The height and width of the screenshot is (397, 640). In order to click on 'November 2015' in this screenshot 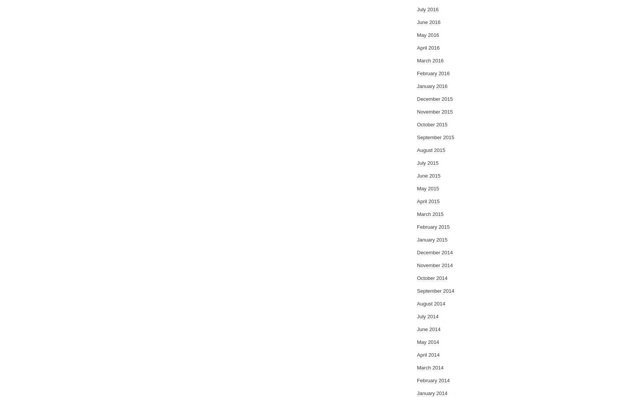, I will do `click(435, 112)`.